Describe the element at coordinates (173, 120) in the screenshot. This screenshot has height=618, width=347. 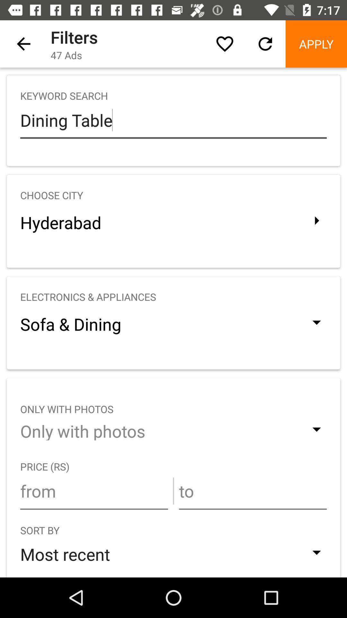
I see `the icon above the choose city` at that location.